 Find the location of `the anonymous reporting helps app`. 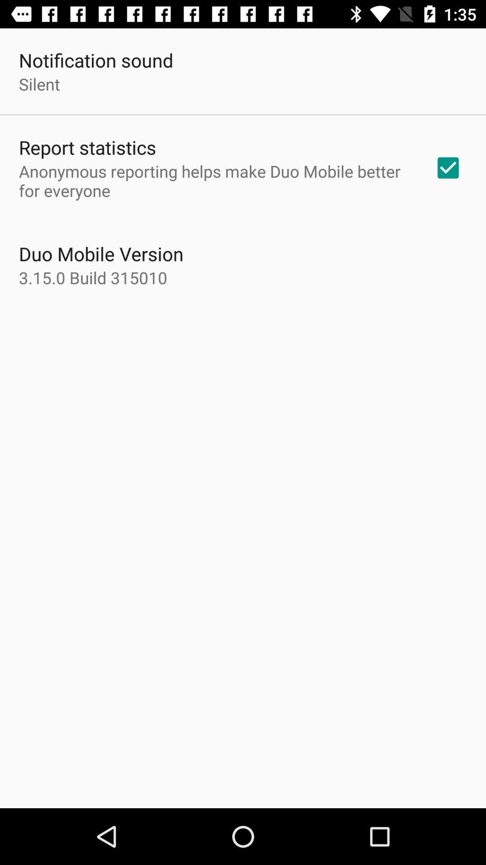

the anonymous reporting helps app is located at coordinates (215, 180).